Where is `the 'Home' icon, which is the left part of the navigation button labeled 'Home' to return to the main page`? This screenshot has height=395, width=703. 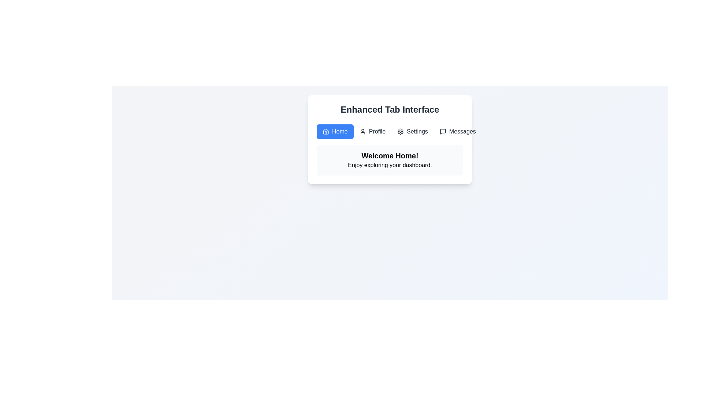
the 'Home' icon, which is the left part of the navigation button labeled 'Home' to return to the main page is located at coordinates (325, 131).